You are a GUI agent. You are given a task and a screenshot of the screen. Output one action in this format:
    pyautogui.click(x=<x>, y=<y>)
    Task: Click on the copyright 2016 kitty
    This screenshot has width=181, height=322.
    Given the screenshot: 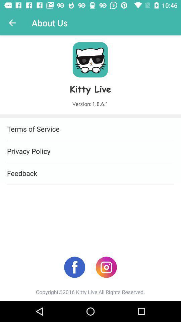 What is the action you would take?
    pyautogui.click(x=90, y=291)
    